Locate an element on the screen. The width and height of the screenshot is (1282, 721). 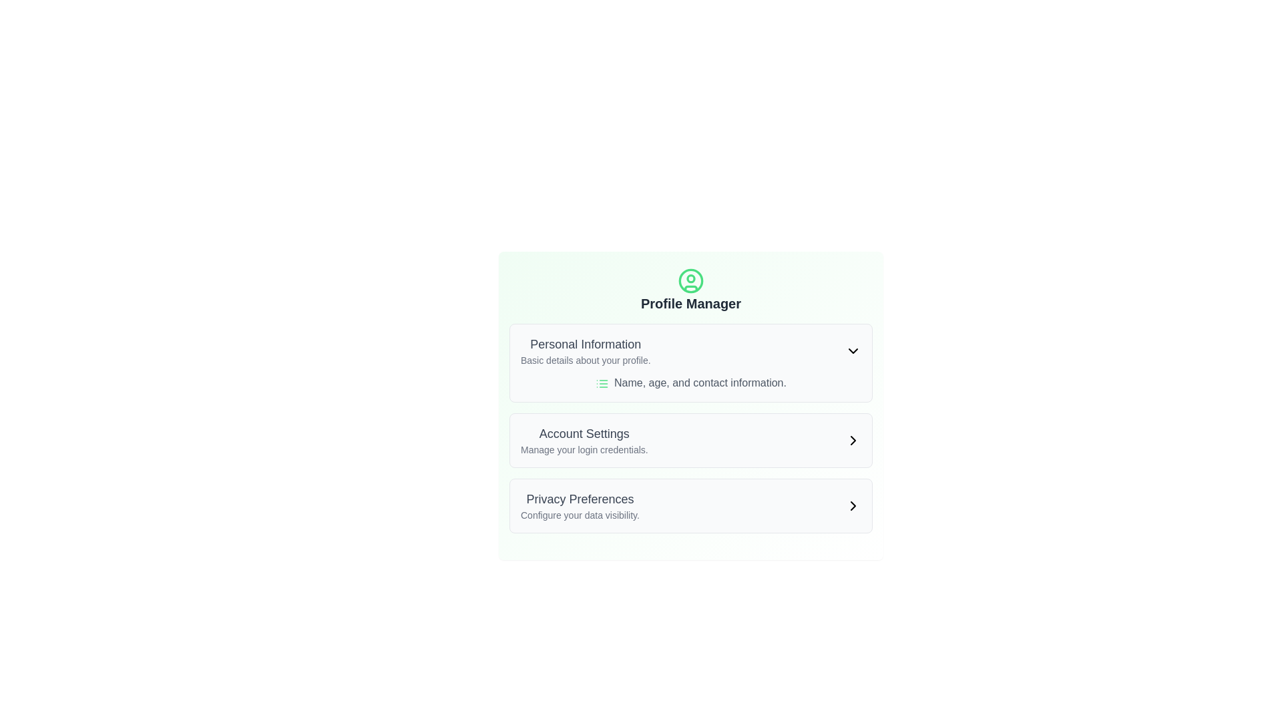
the Chevron Icon located in the 'Privacy Preferences' section of the 'Profile Manager' interface is located at coordinates (852, 506).